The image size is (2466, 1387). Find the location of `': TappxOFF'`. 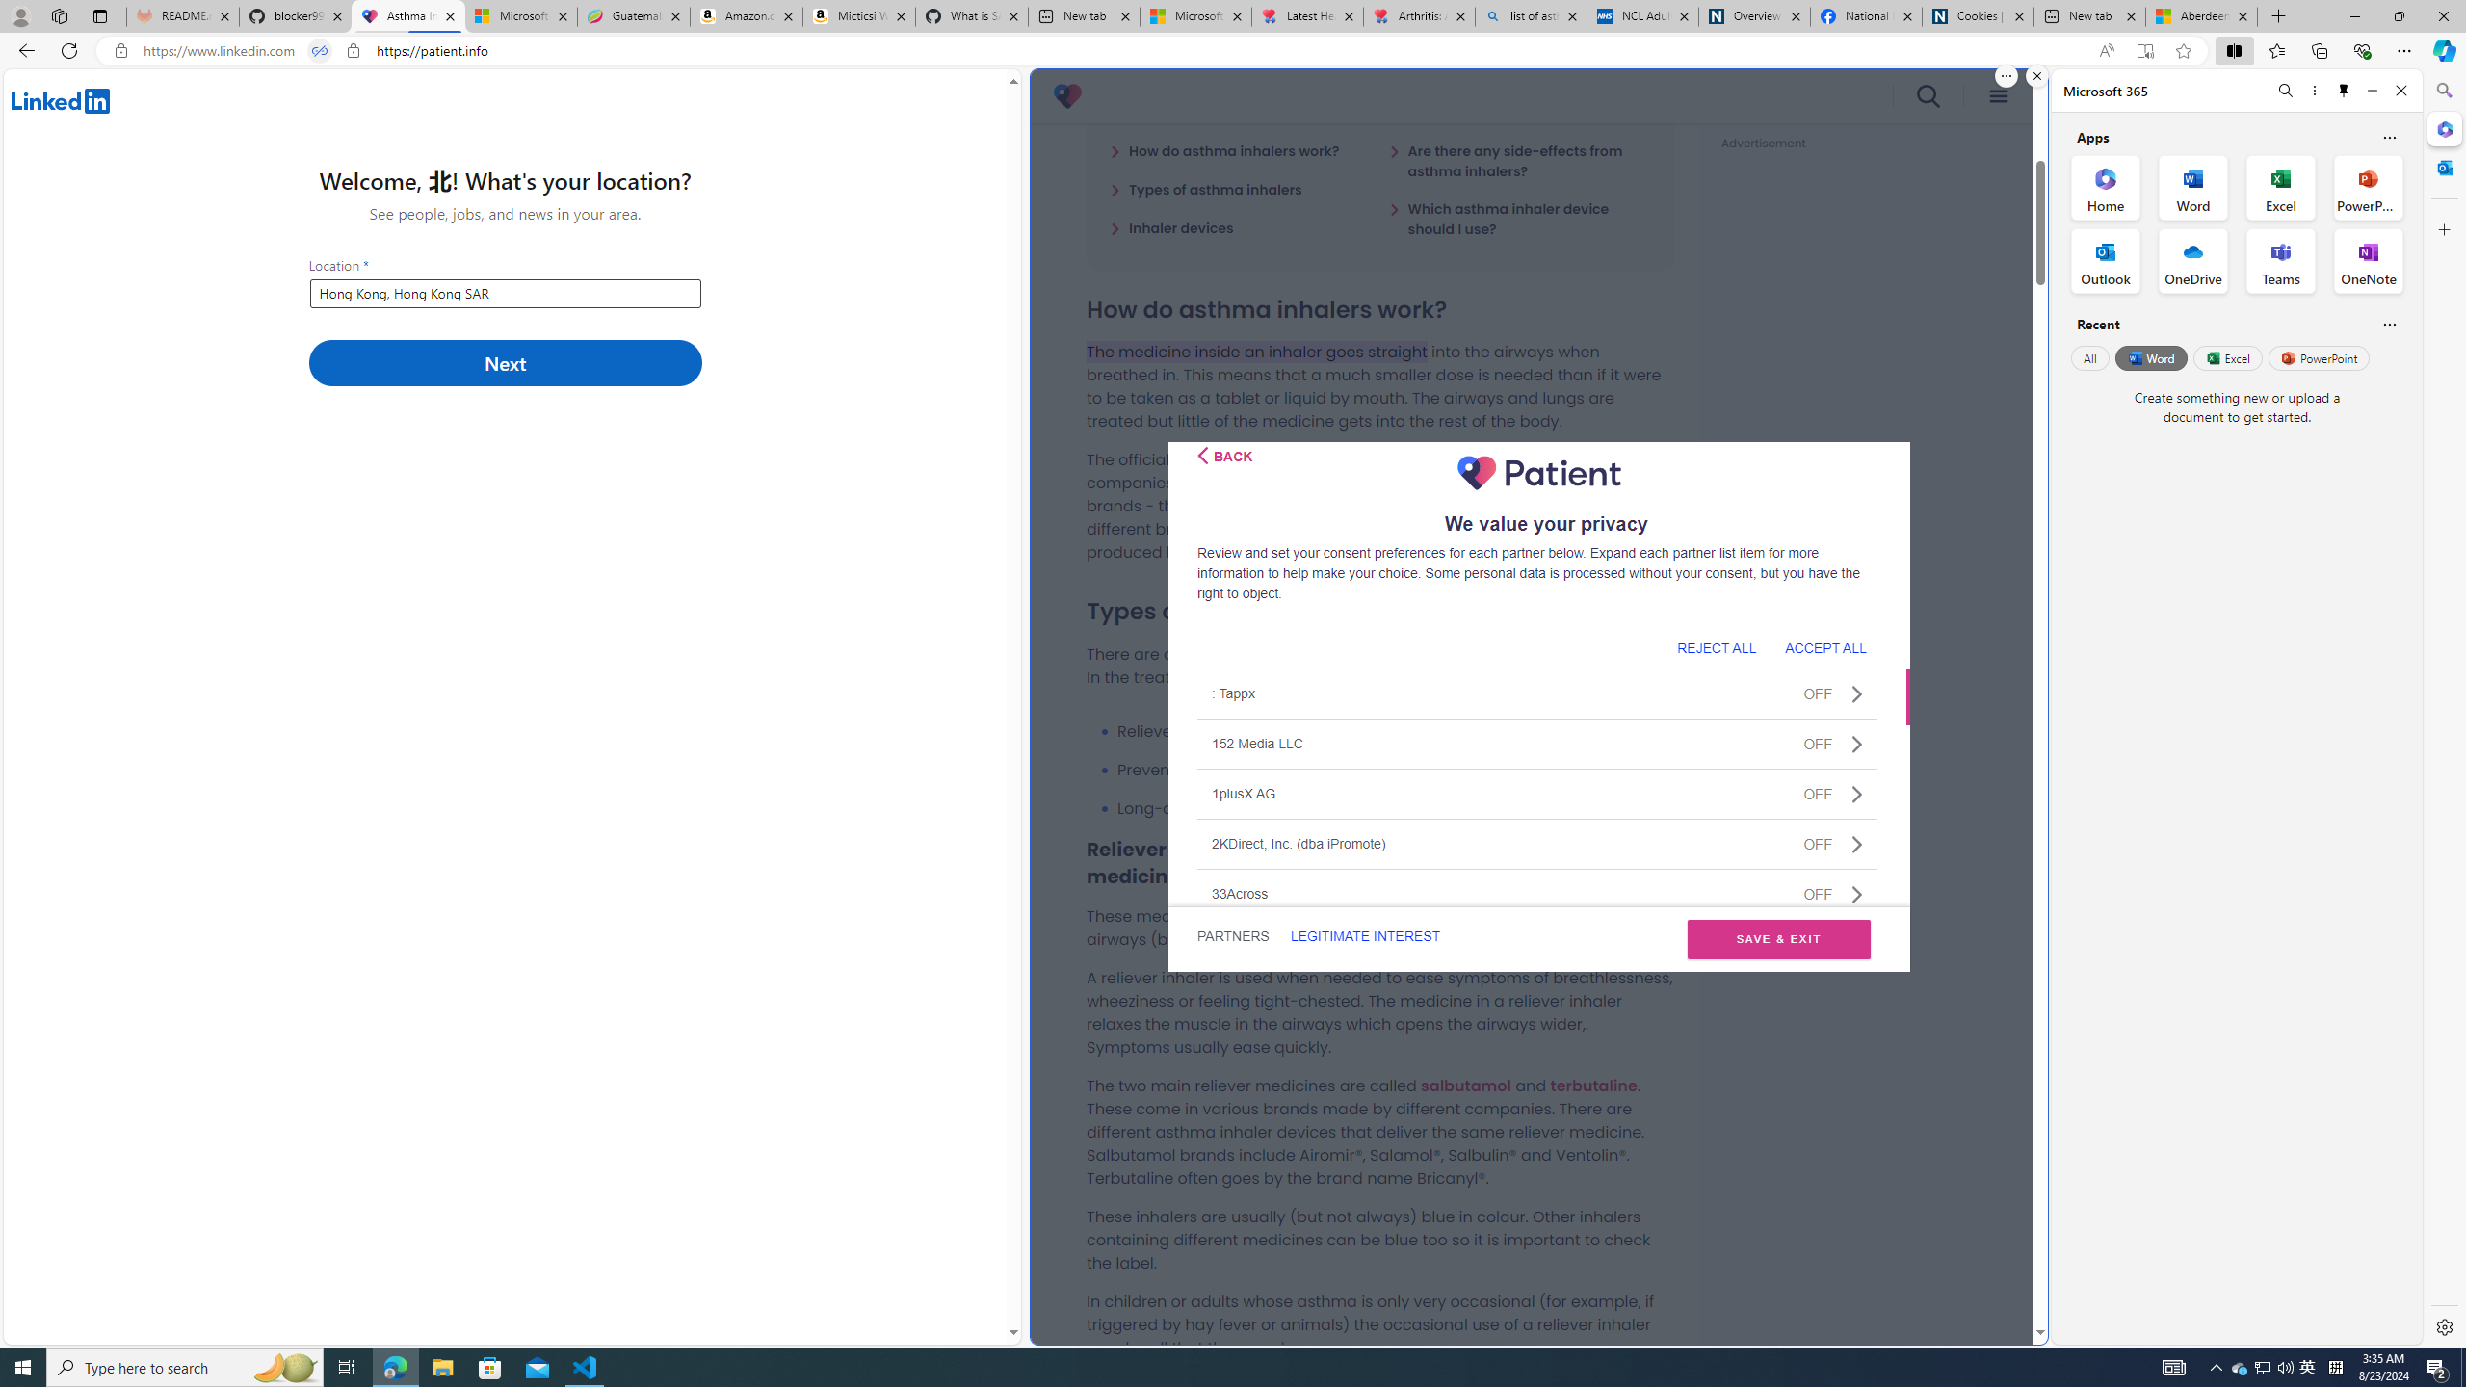

': TappxOFF' is located at coordinates (1536, 693).